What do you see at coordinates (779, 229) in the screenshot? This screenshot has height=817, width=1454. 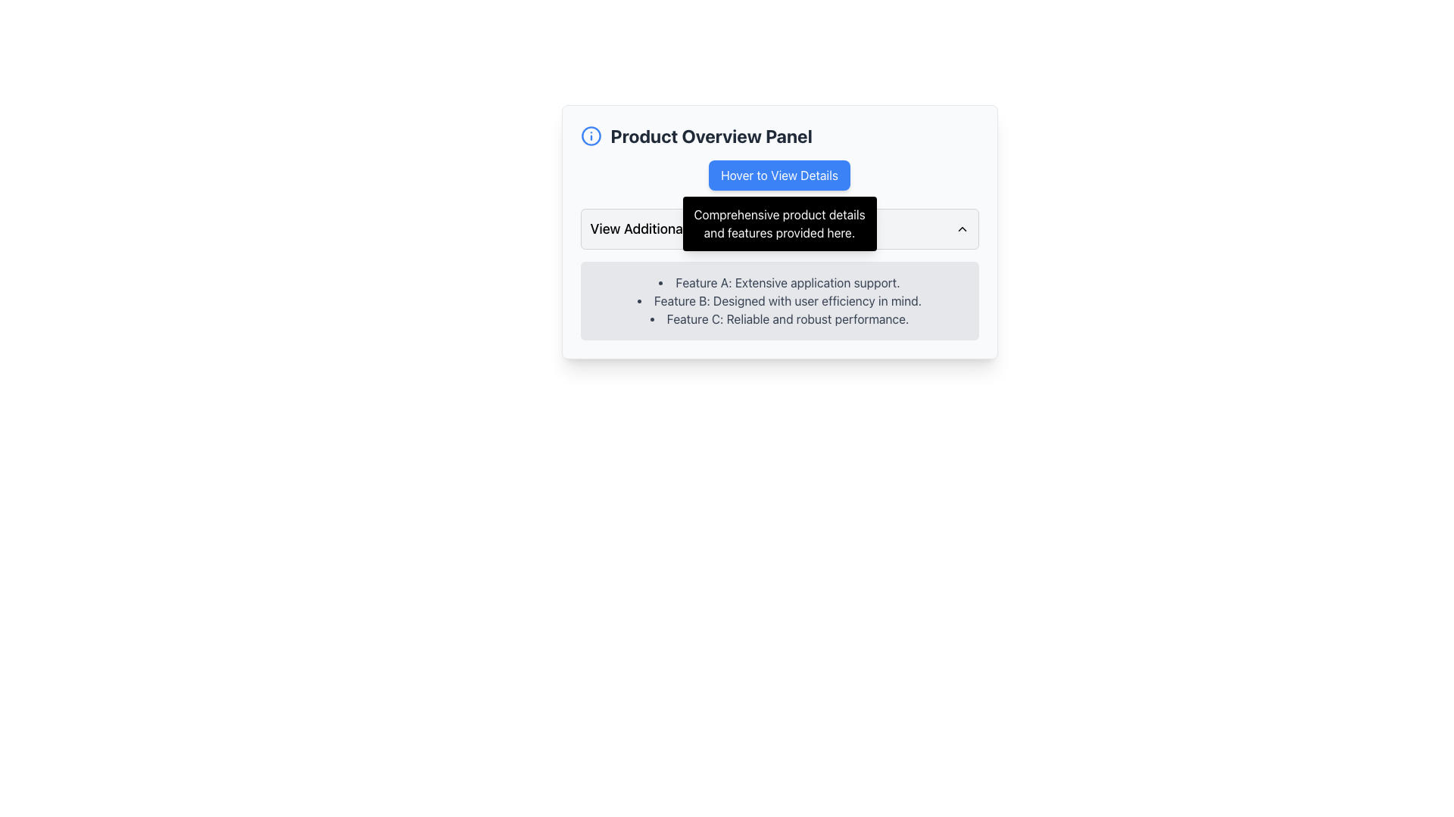 I see `the dropdown header labeled 'View Additional Features'` at bounding box center [779, 229].